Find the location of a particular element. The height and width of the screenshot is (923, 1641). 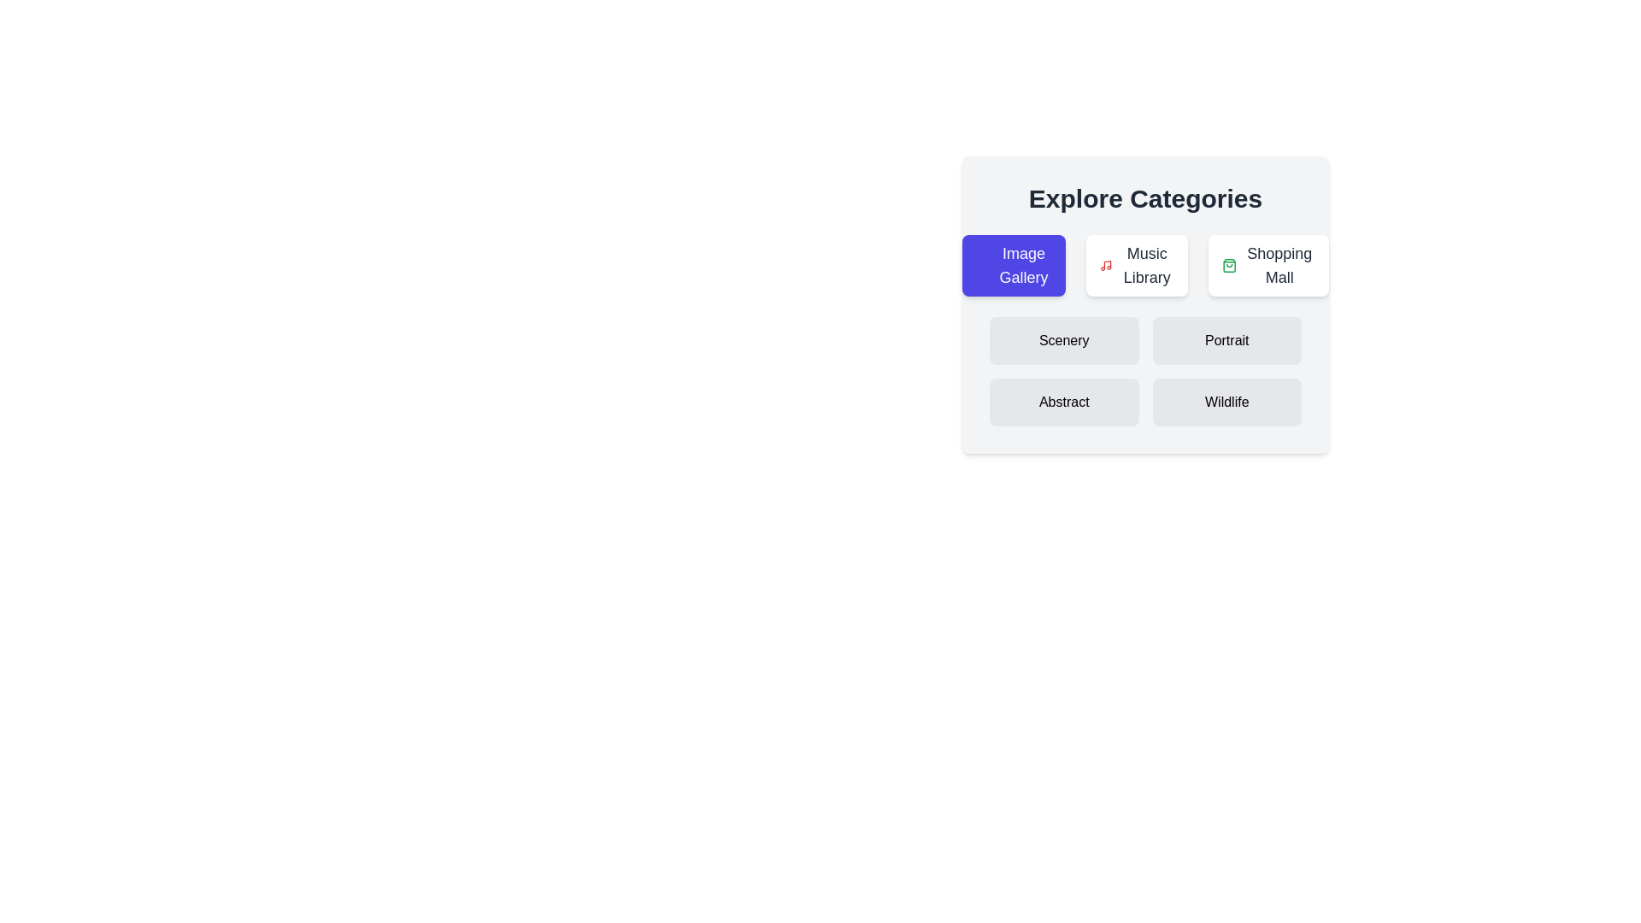

the 'Scenery' button, which is a rectangular button with a gray background and rounded corners, located in the 'Explore Categories' section of the UI is located at coordinates (1063, 340).